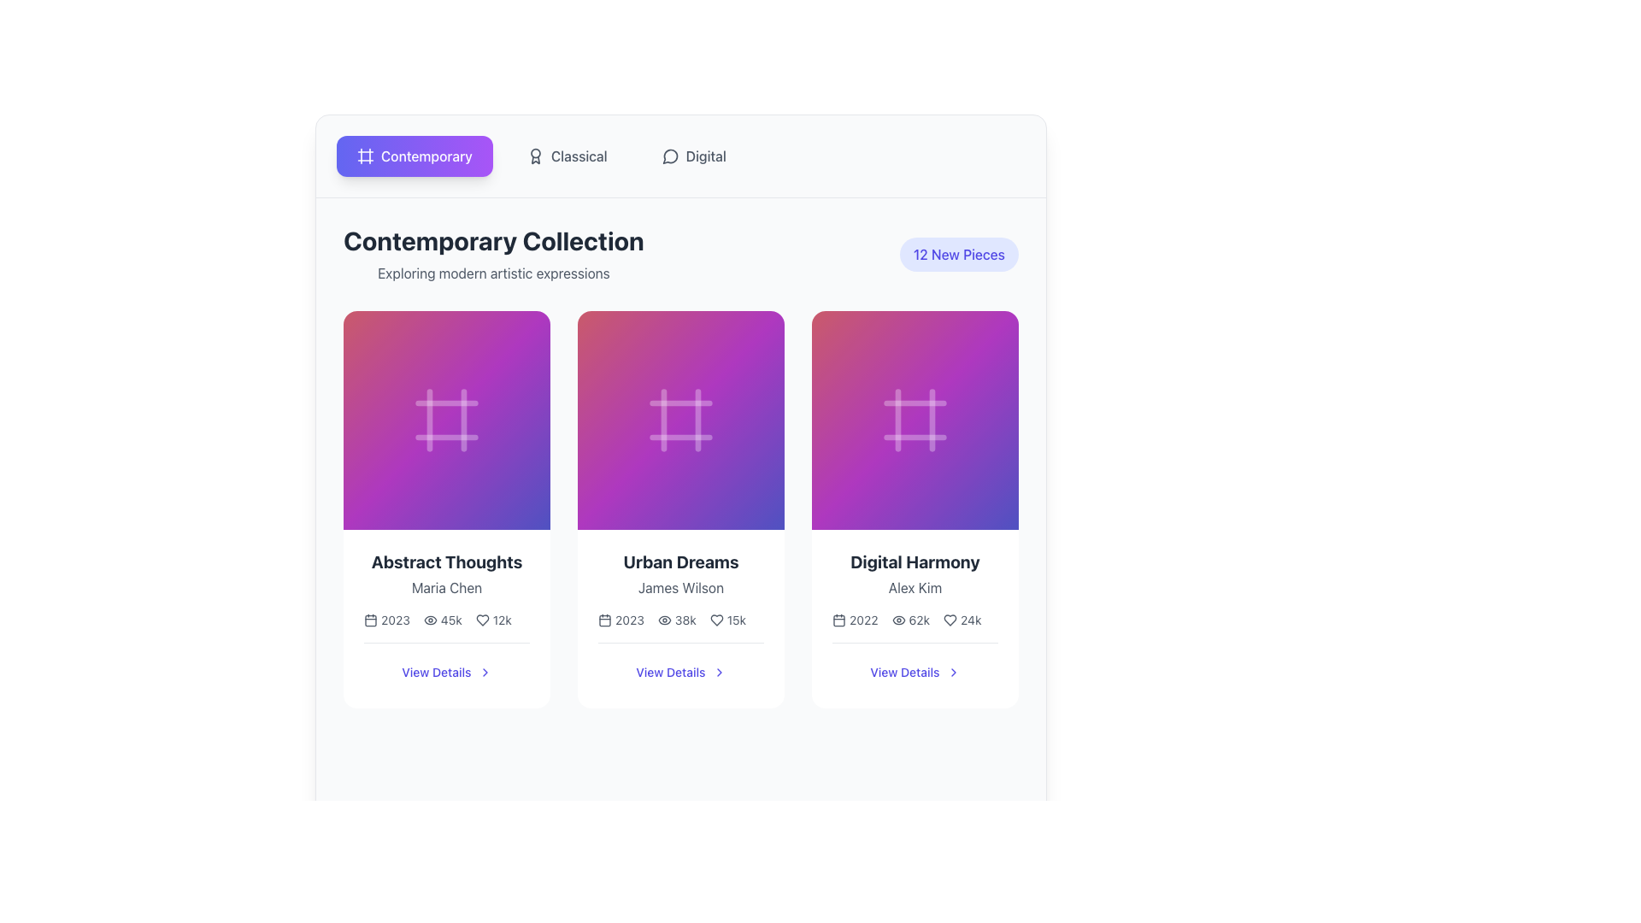 This screenshot has width=1641, height=923. I want to click on the text label indicating the author or creator, which is positioned below the heading 'Abstract Thoughts' in the leftmost card of the grid layout, so click(447, 586).